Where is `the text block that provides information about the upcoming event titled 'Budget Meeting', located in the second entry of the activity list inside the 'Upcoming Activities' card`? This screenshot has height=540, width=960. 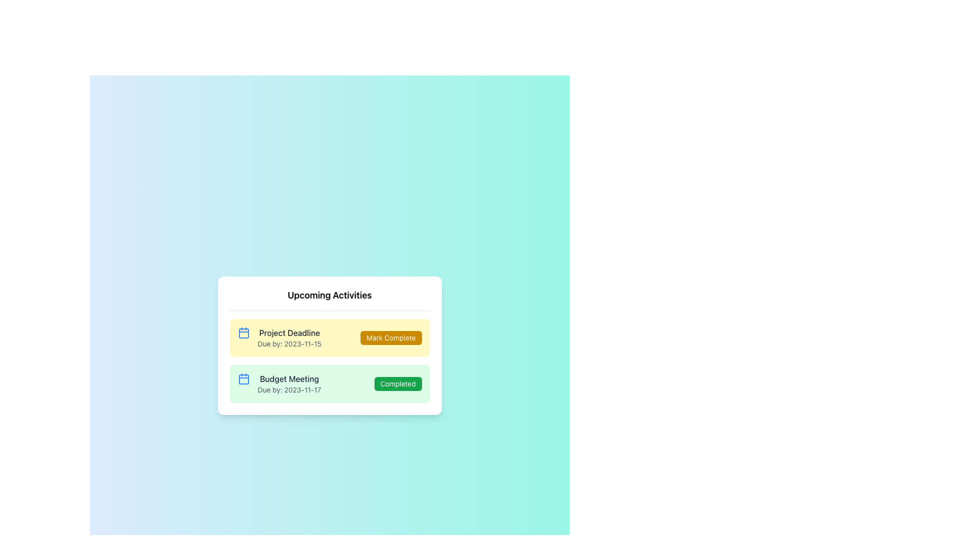
the text block that provides information about the upcoming event titled 'Budget Meeting', located in the second entry of the activity list inside the 'Upcoming Activities' card is located at coordinates (288, 383).